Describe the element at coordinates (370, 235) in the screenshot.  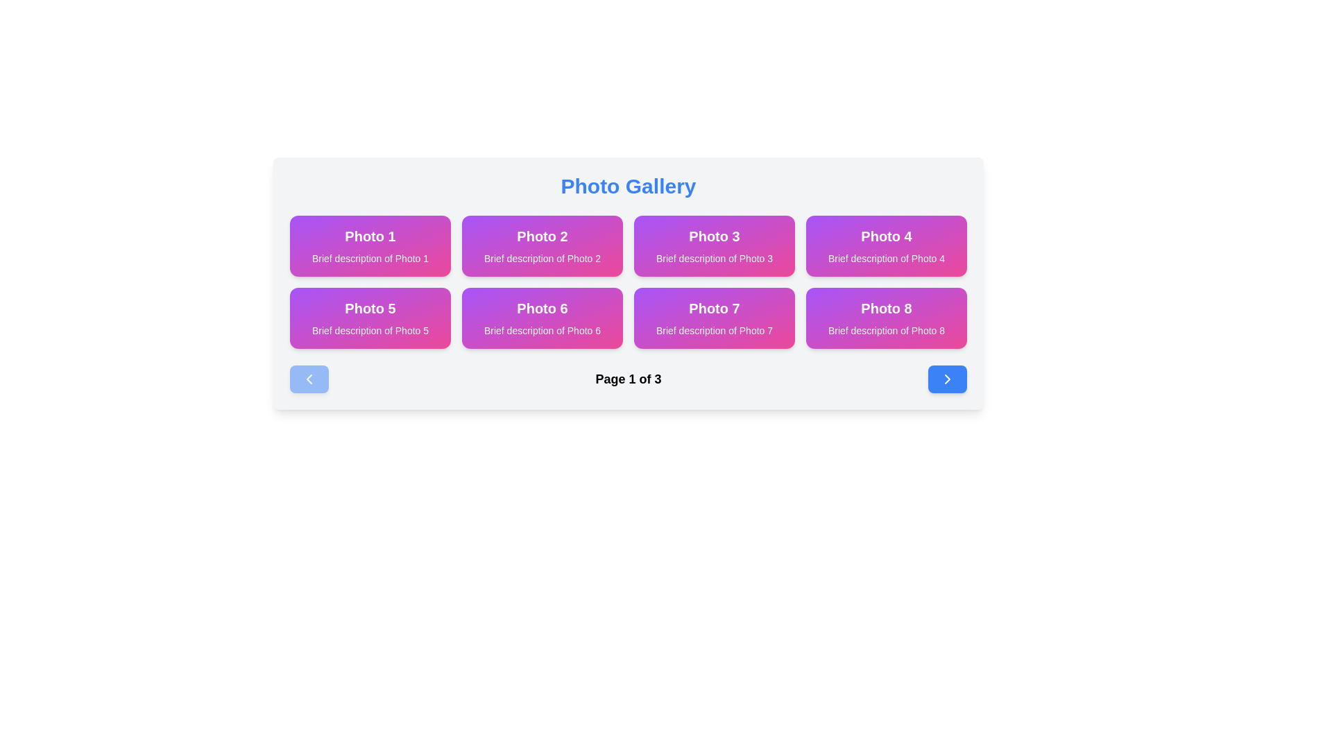
I see `the text label displaying 'Photo 1' in bold font style, located in the top-left card of the grid layout` at that location.